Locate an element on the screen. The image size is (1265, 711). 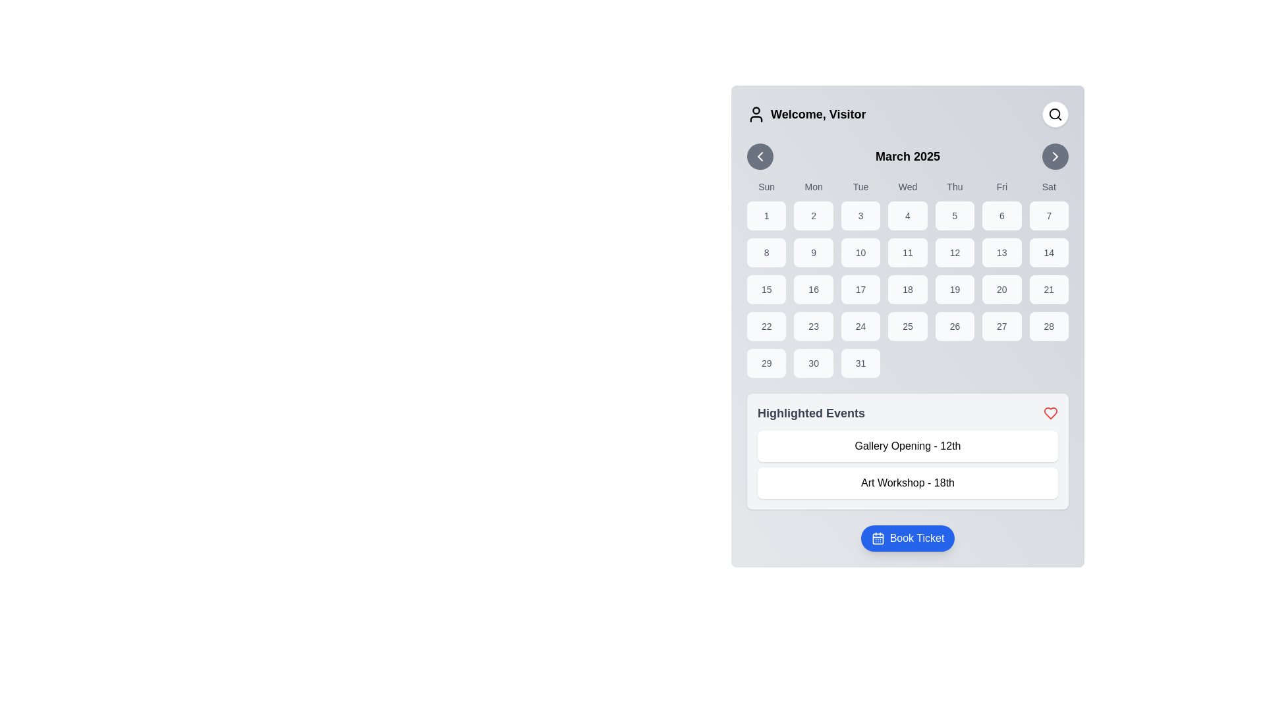
the circular button with a gray background and a left-pointing chevron icon, located to the left of the text 'March 2025' is located at coordinates (760, 156).